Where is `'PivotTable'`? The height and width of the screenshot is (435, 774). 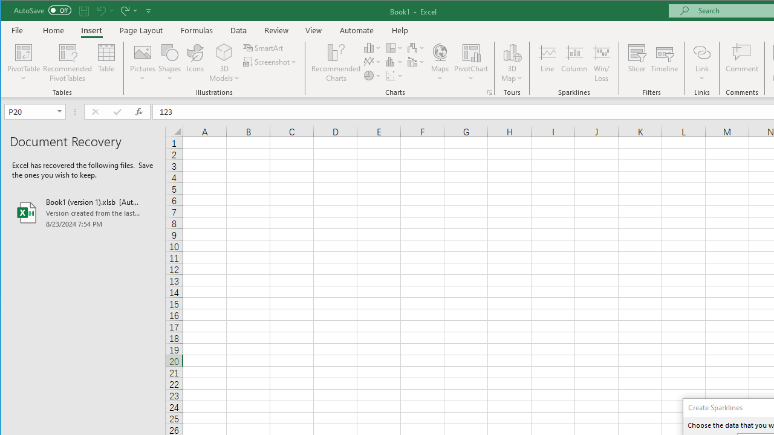 'PivotTable' is located at coordinates (24, 51).